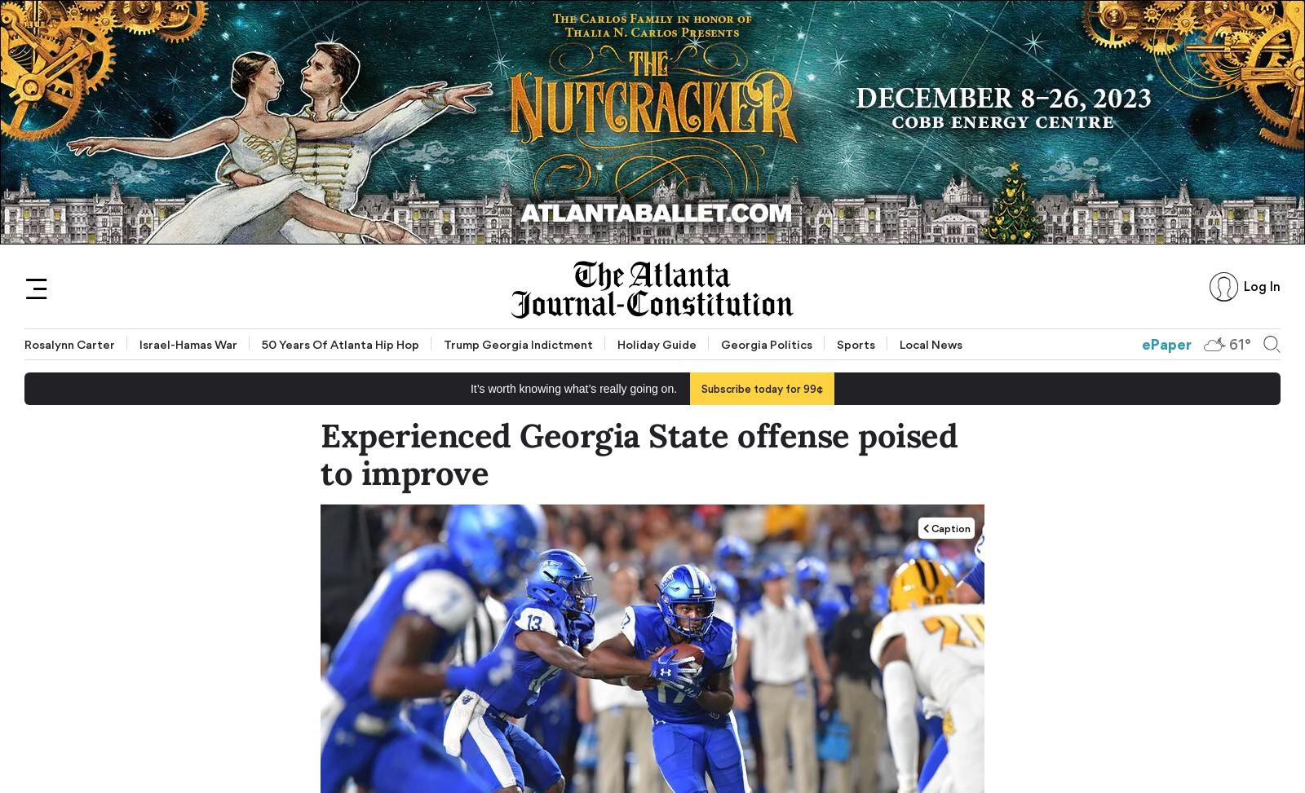  Describe the element at coordinates (639, 454) in the screenshot. I see `'Experienced Georgia State offense poised to improve'` at that location.